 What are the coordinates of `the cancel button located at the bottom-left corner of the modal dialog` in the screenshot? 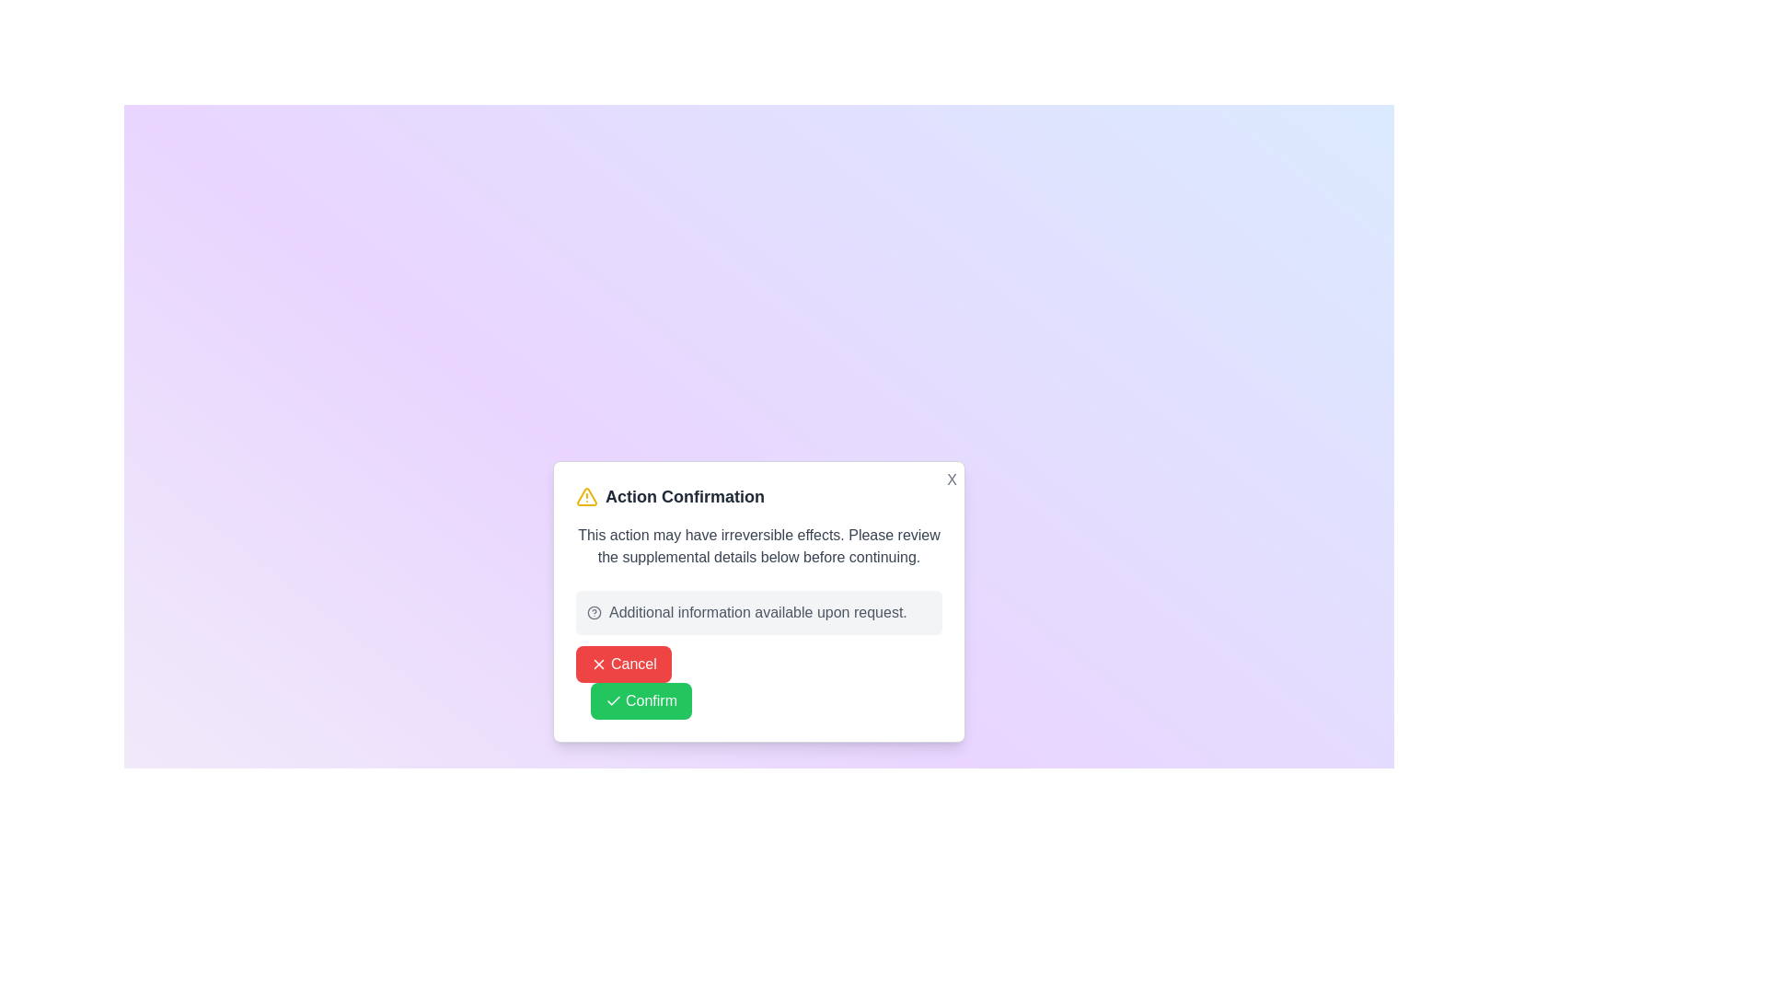 It's located at (623, 664).